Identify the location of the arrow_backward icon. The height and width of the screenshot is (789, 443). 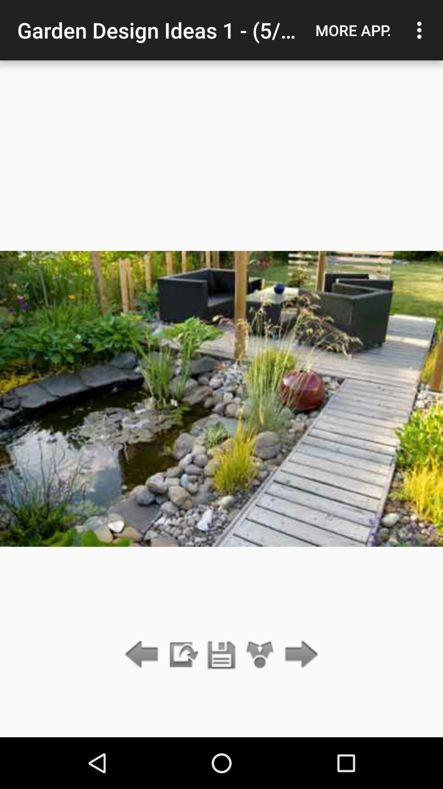
(144, 655).